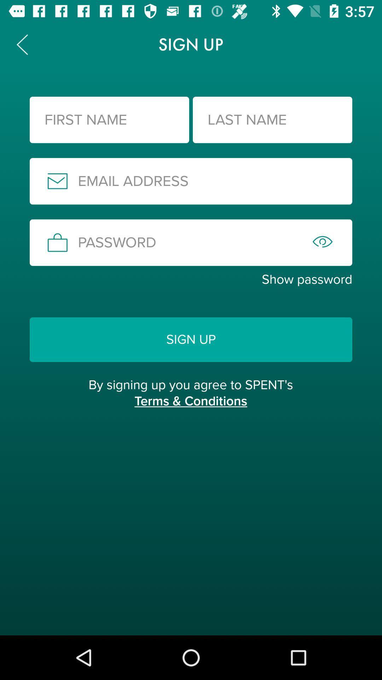 Image resolution: width=382 pixels, height=680 pixels. What do you see at coordinates (109, 120) in the screenshot?
I see `open keyboard to enter name` at bounding box center [109, 120].